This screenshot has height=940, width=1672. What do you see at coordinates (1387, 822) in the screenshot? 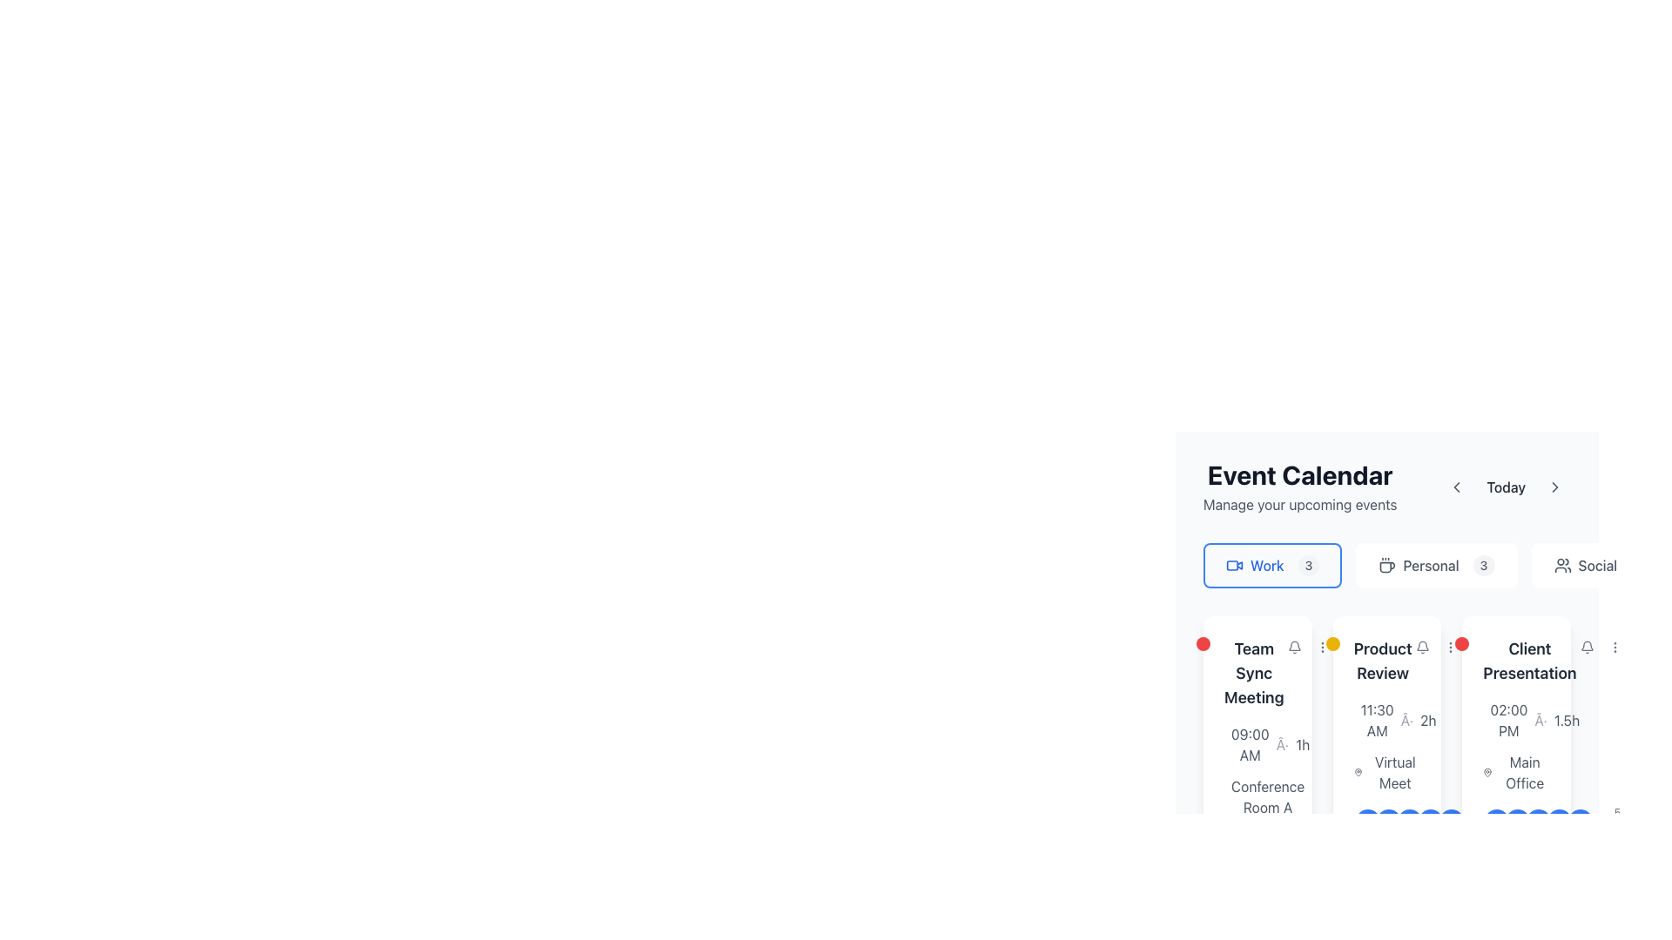
I see `the second avatar from the left, which has a circular shape with a blue gradient background and contains the letter 'B' in bold white font, positioned below the 'Event Calendar' section` at bounding box center [1387, 822].